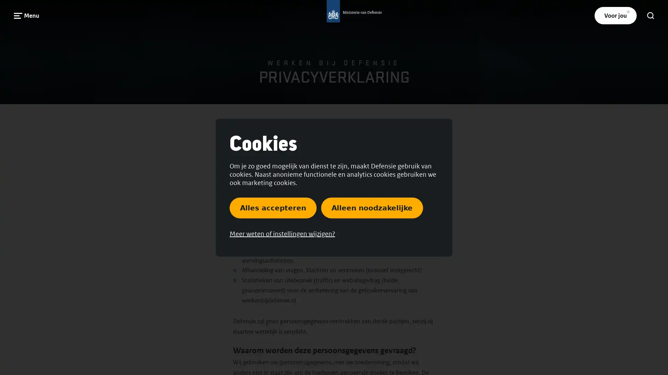 The image size is (668, 375). What do you see at coordinates (273, 207) in the screenshot?
I see `Alles accepteren` at bounding box center [273, 207].